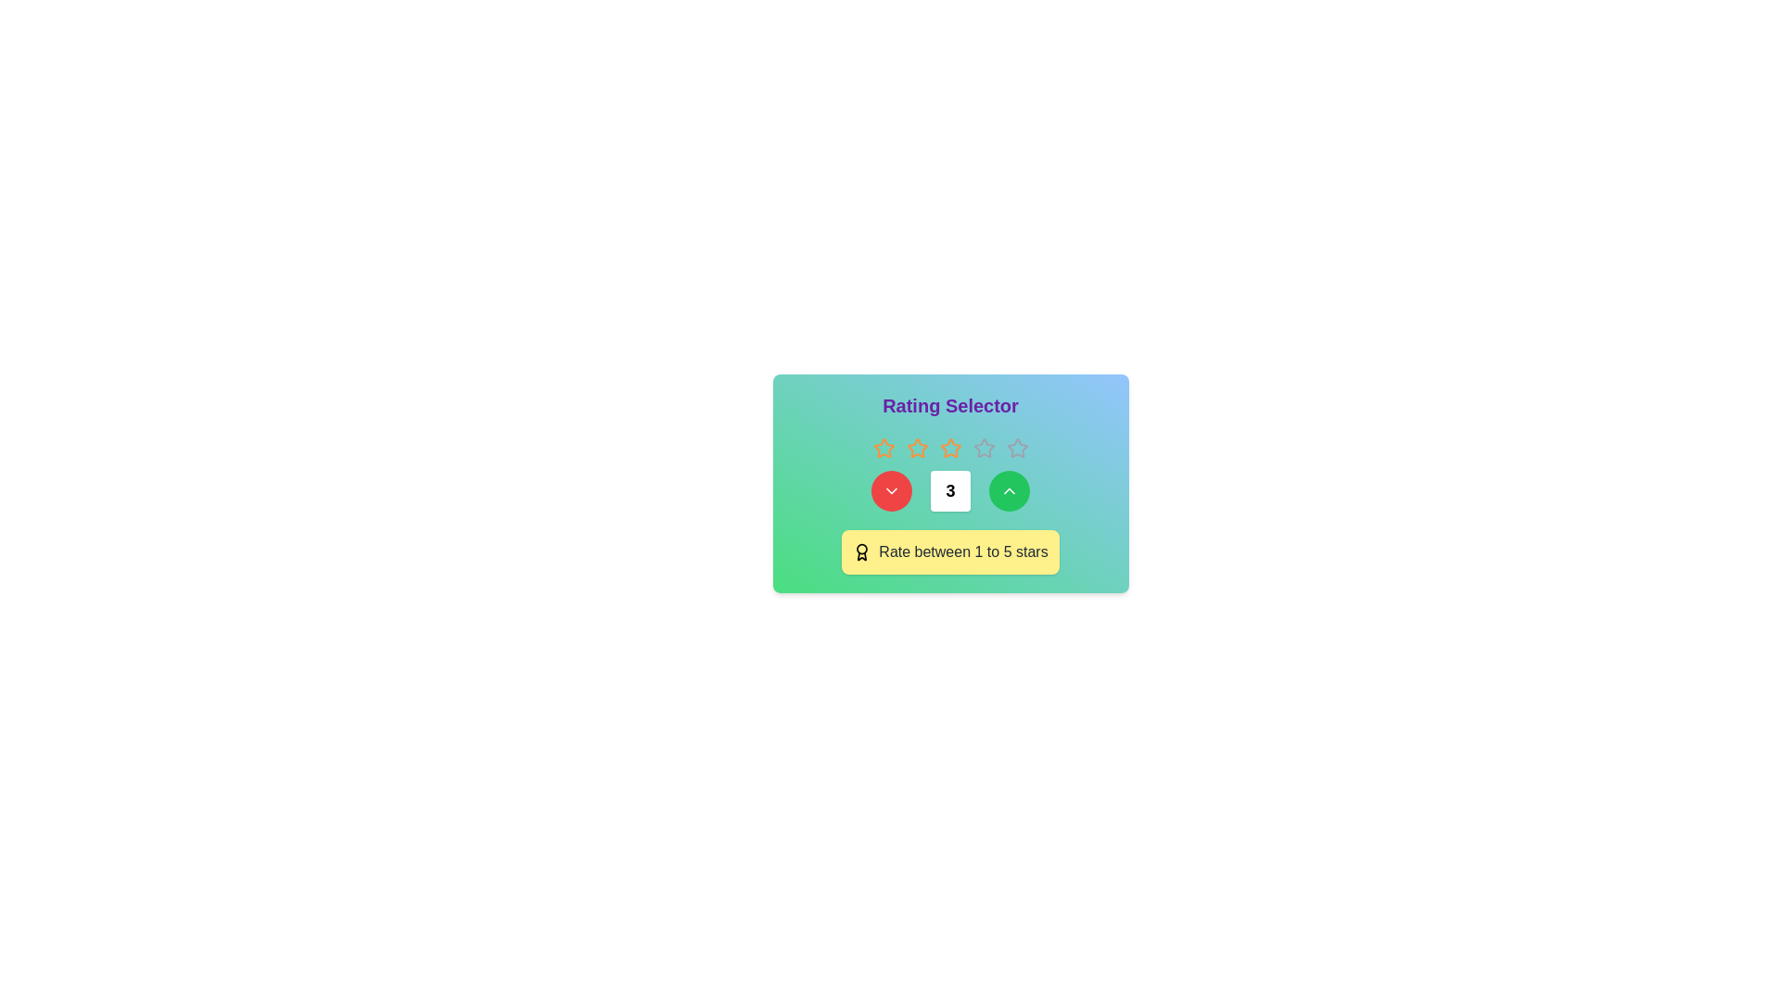 The height and width of the screenshot is (1001, 1780). I want to click on displayed number from the numeric display box located centrally below the row of star icons, between the decrement button on the left and the increment button on the right, so click(950, 506).